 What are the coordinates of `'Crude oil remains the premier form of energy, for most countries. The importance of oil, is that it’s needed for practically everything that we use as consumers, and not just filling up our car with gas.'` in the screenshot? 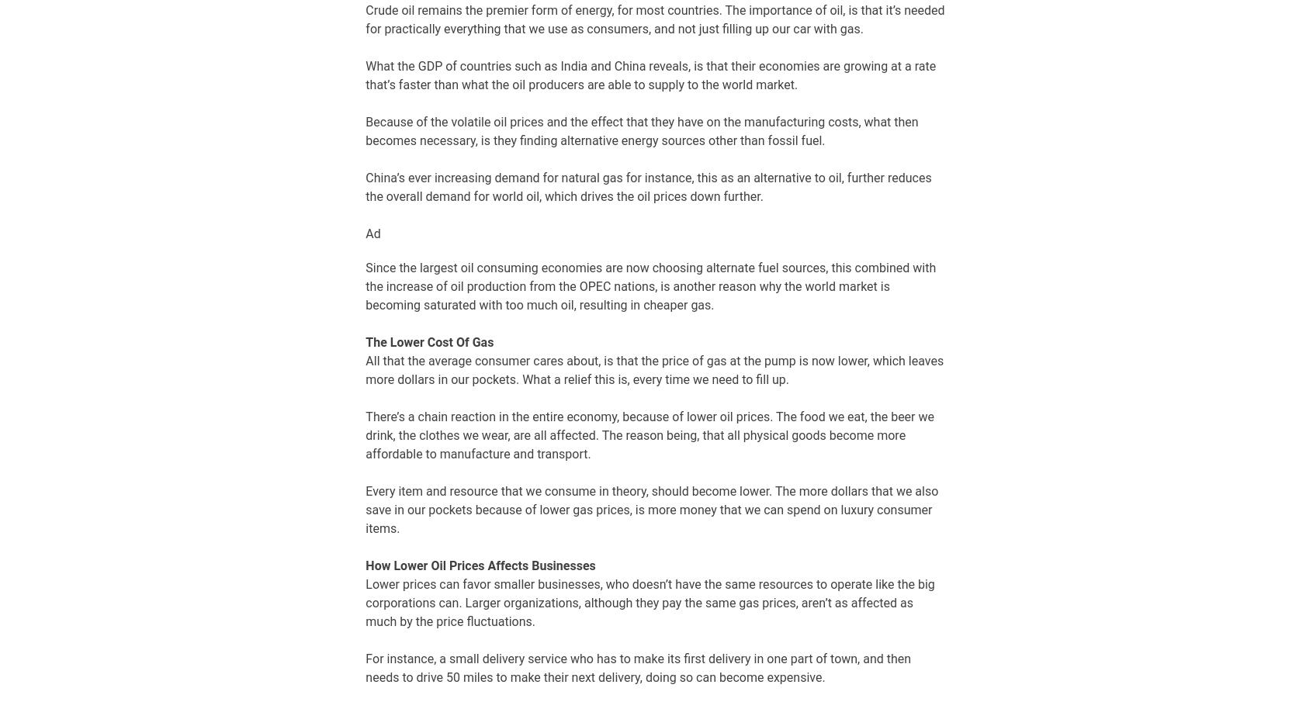 It's located at (654, 18).